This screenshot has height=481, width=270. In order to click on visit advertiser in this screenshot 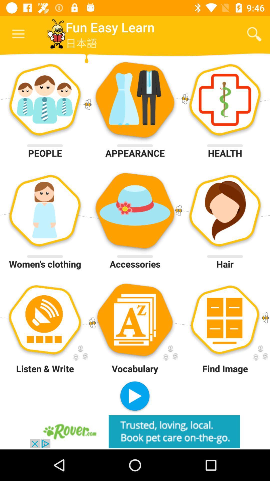, I will do `click(135, 431)`.